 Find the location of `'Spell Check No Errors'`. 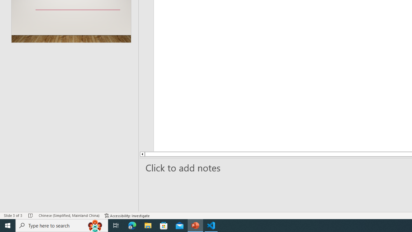

'Spell Check No Errors' is located at coordinates (31, 216).